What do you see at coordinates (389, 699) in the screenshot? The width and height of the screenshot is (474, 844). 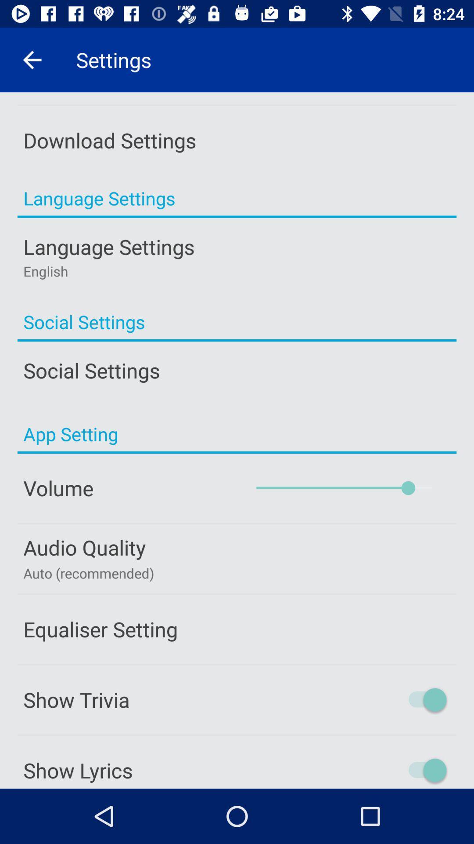 I see `show trivia option` at bounding box center [389, 699].